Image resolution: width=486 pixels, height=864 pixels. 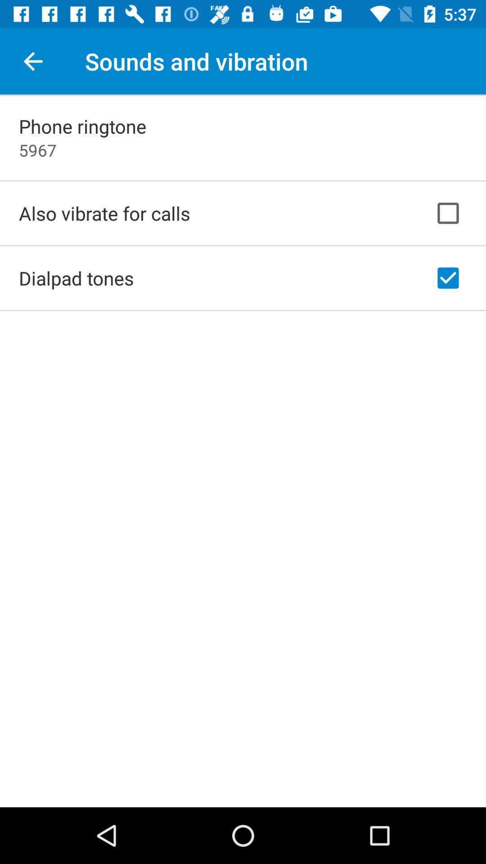 What do you see at coordinates (104, 213) in the screenshot?
I see `the also vibrate for` at bounding box center [104, 213].